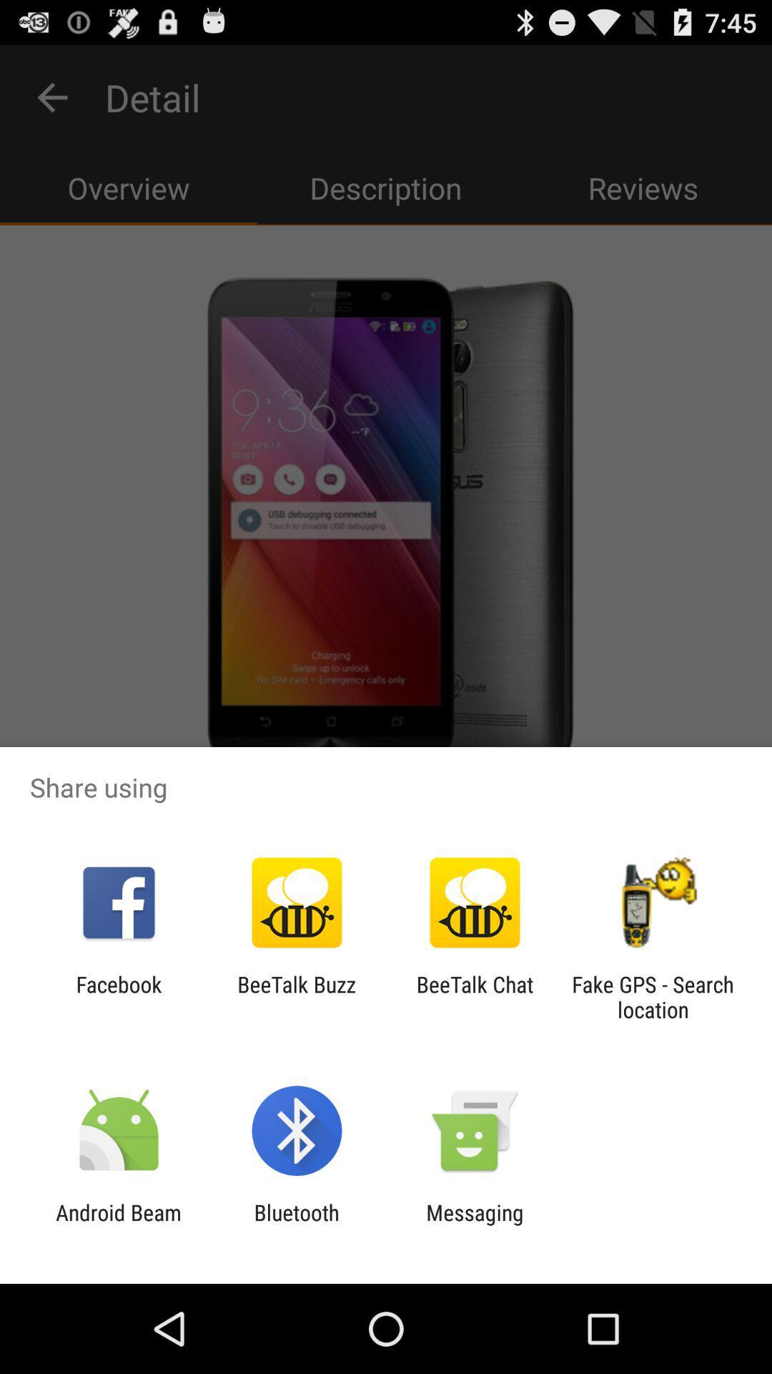 This screenshot has height=1374, width=772. What do you see at coordinates (118, 996) in the screenshot?
I see `the facebook` at bounding box center [118, 996].